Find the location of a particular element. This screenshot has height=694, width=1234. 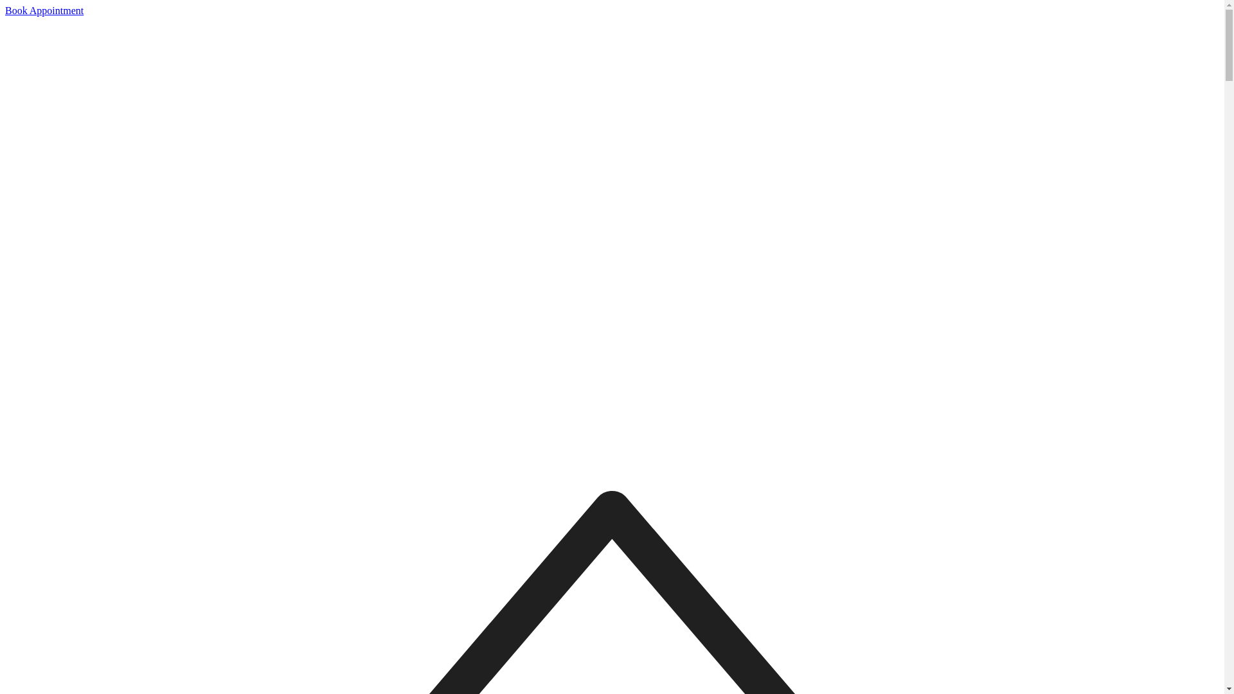

'Book Appointment' is located at coordinates (5, 10).